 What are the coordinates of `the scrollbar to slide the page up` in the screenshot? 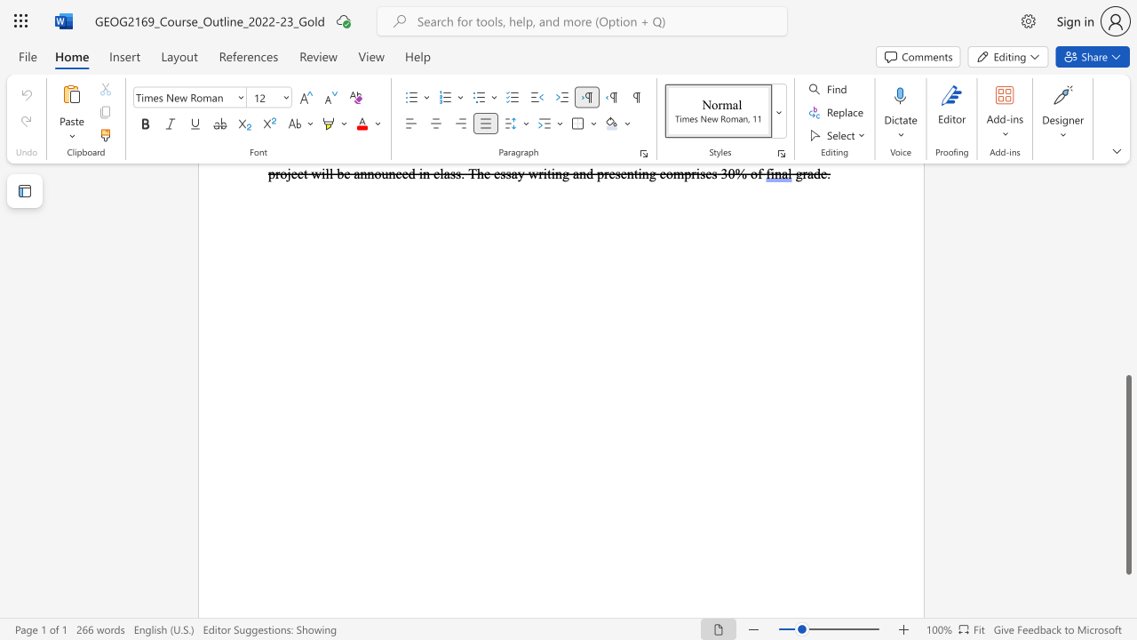 It's located at (1127, 229).